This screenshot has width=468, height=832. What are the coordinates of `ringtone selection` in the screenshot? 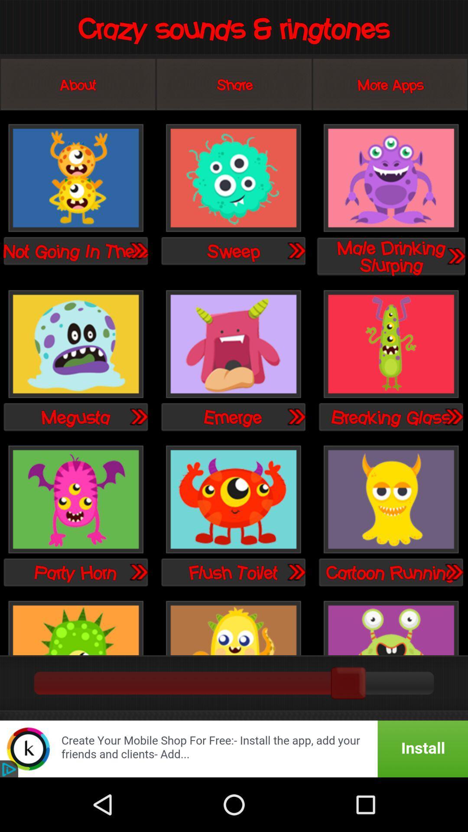 It's located at (233, 500).